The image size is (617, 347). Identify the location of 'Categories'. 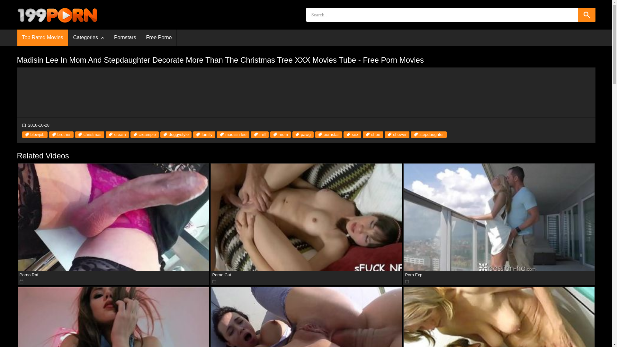
(88, 38).